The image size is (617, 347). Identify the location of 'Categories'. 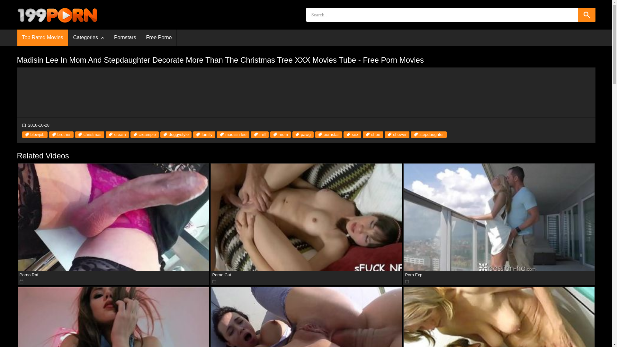
(88, 38).